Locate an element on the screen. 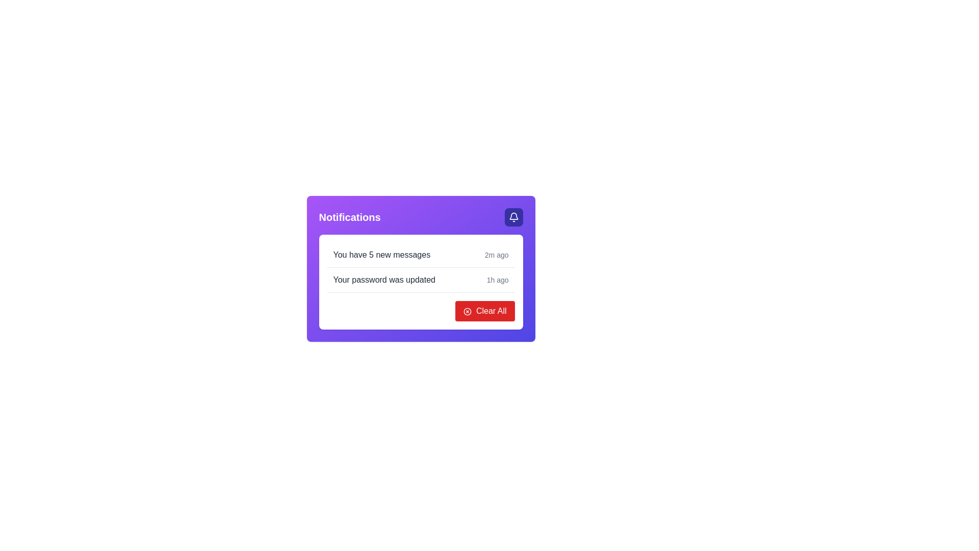 This screenshot has width=979, height=551. notification details from the second notification item about the password update, located directly below the 'You have 5 new messages' notification is located at coordinates (421, 280).